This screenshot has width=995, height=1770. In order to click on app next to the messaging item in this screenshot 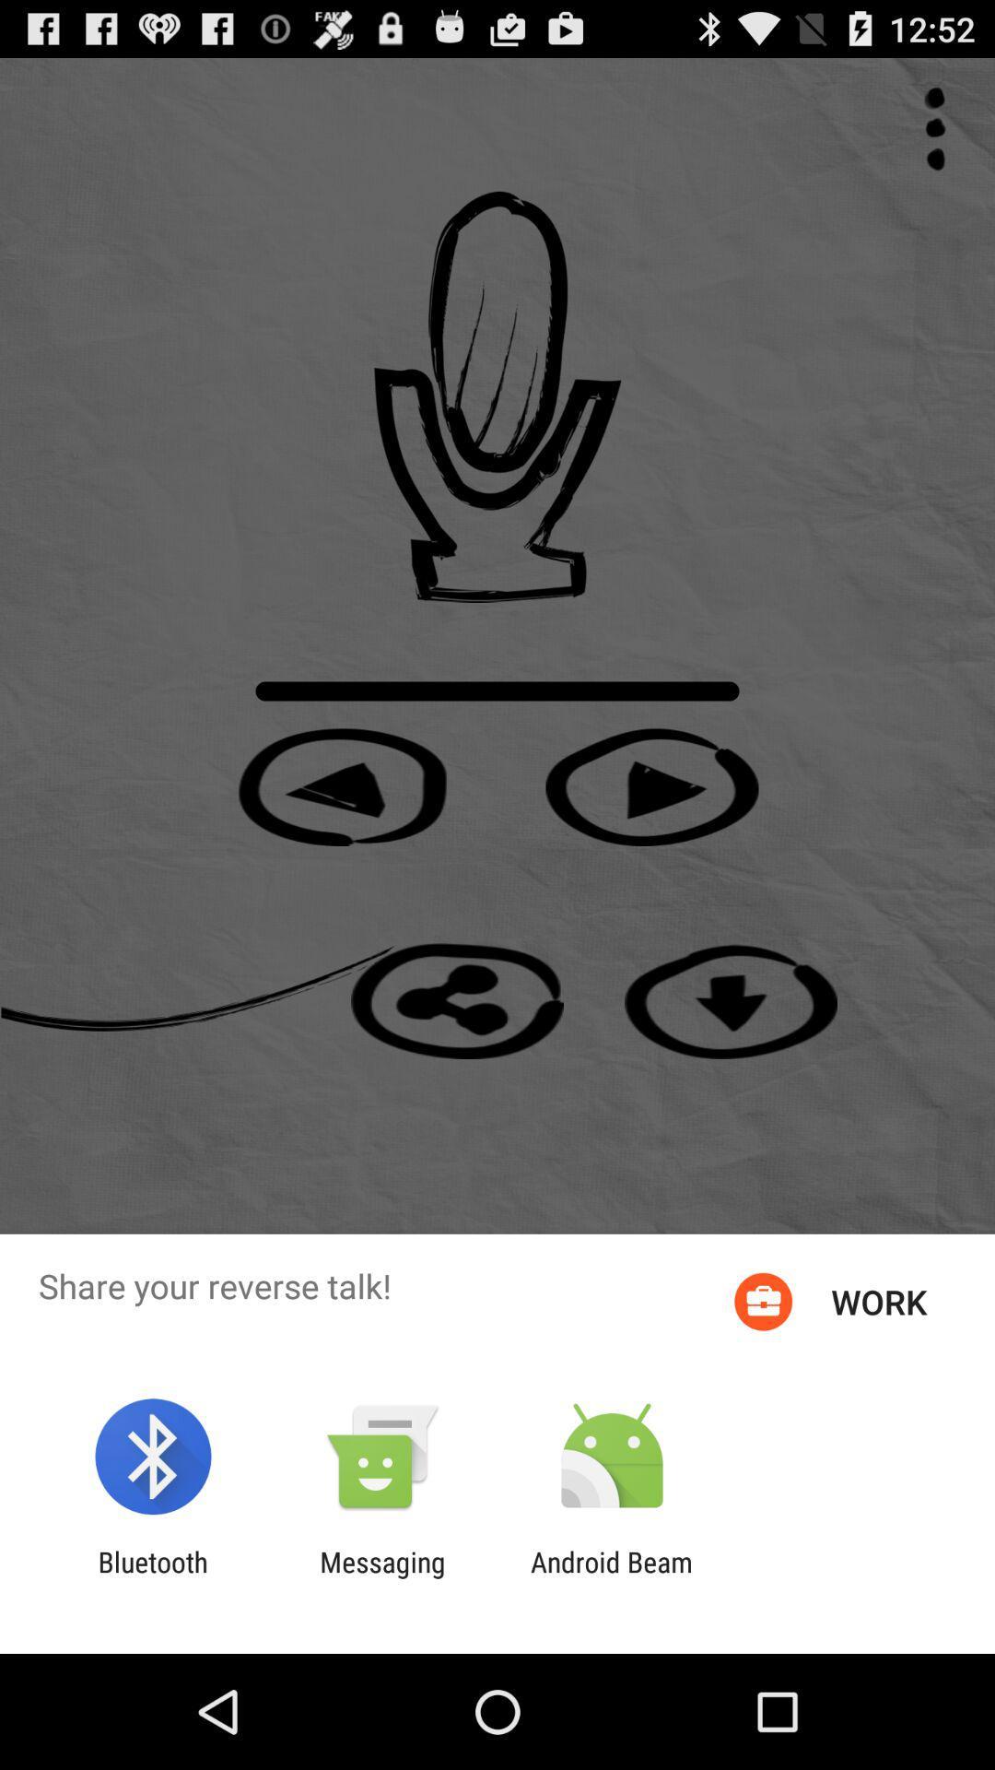, I will do `click(152, 1577)`.